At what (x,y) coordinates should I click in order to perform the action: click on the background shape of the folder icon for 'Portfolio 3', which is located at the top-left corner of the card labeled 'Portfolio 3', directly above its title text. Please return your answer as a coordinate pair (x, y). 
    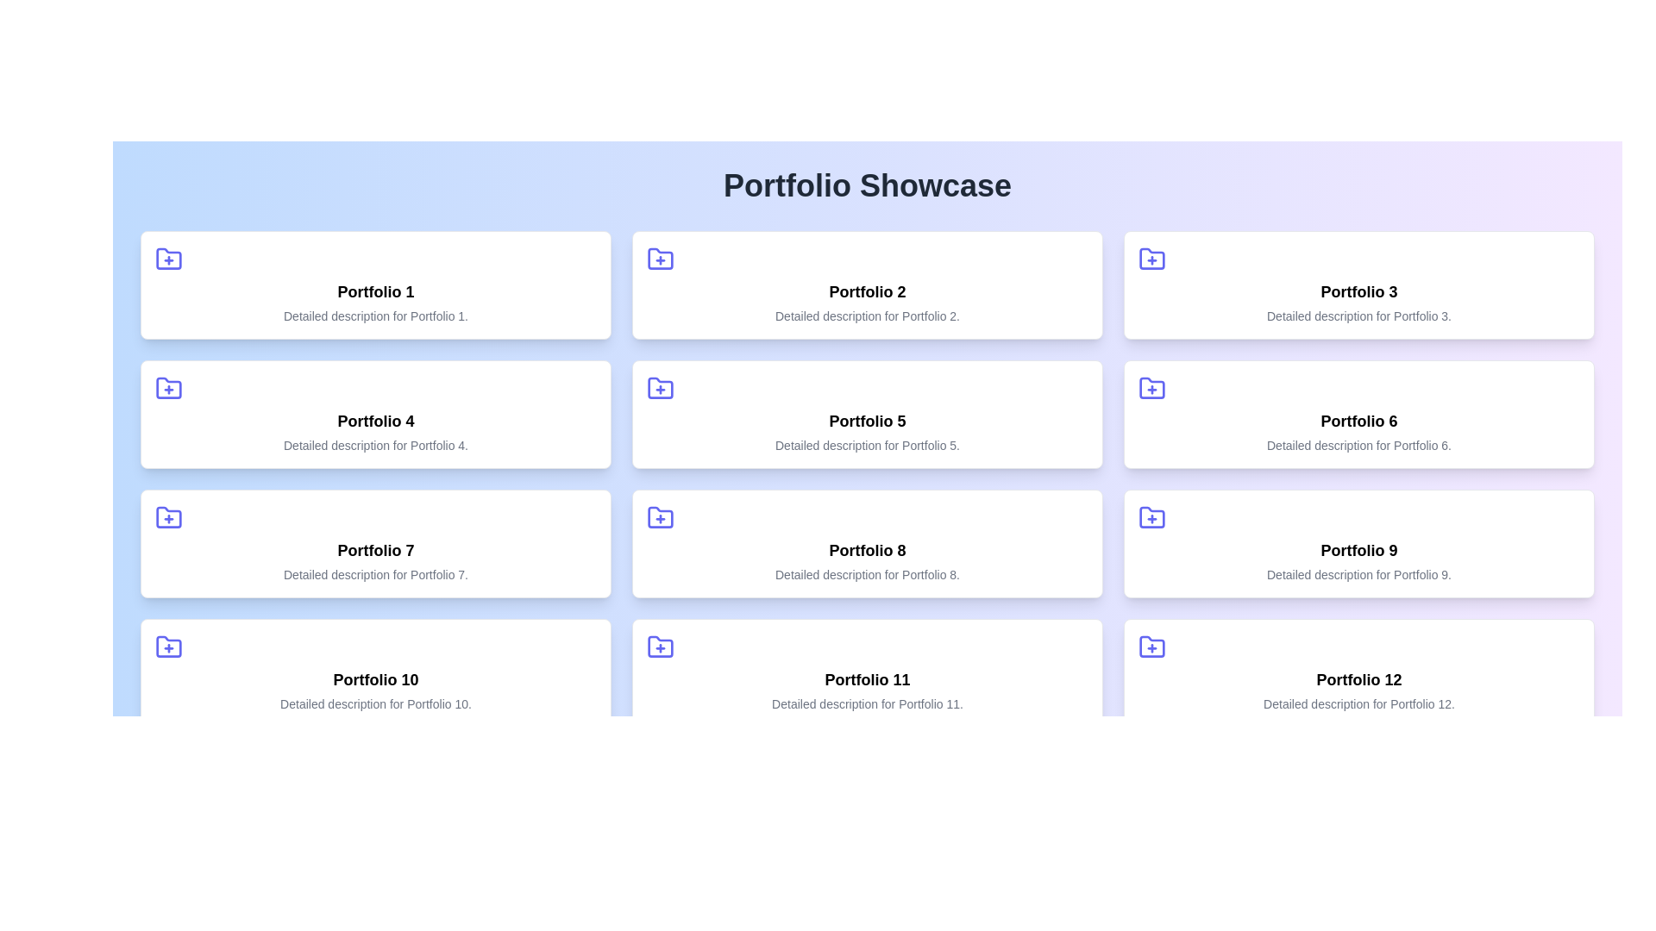
    Looking at the image, I should click on (1151, 259).